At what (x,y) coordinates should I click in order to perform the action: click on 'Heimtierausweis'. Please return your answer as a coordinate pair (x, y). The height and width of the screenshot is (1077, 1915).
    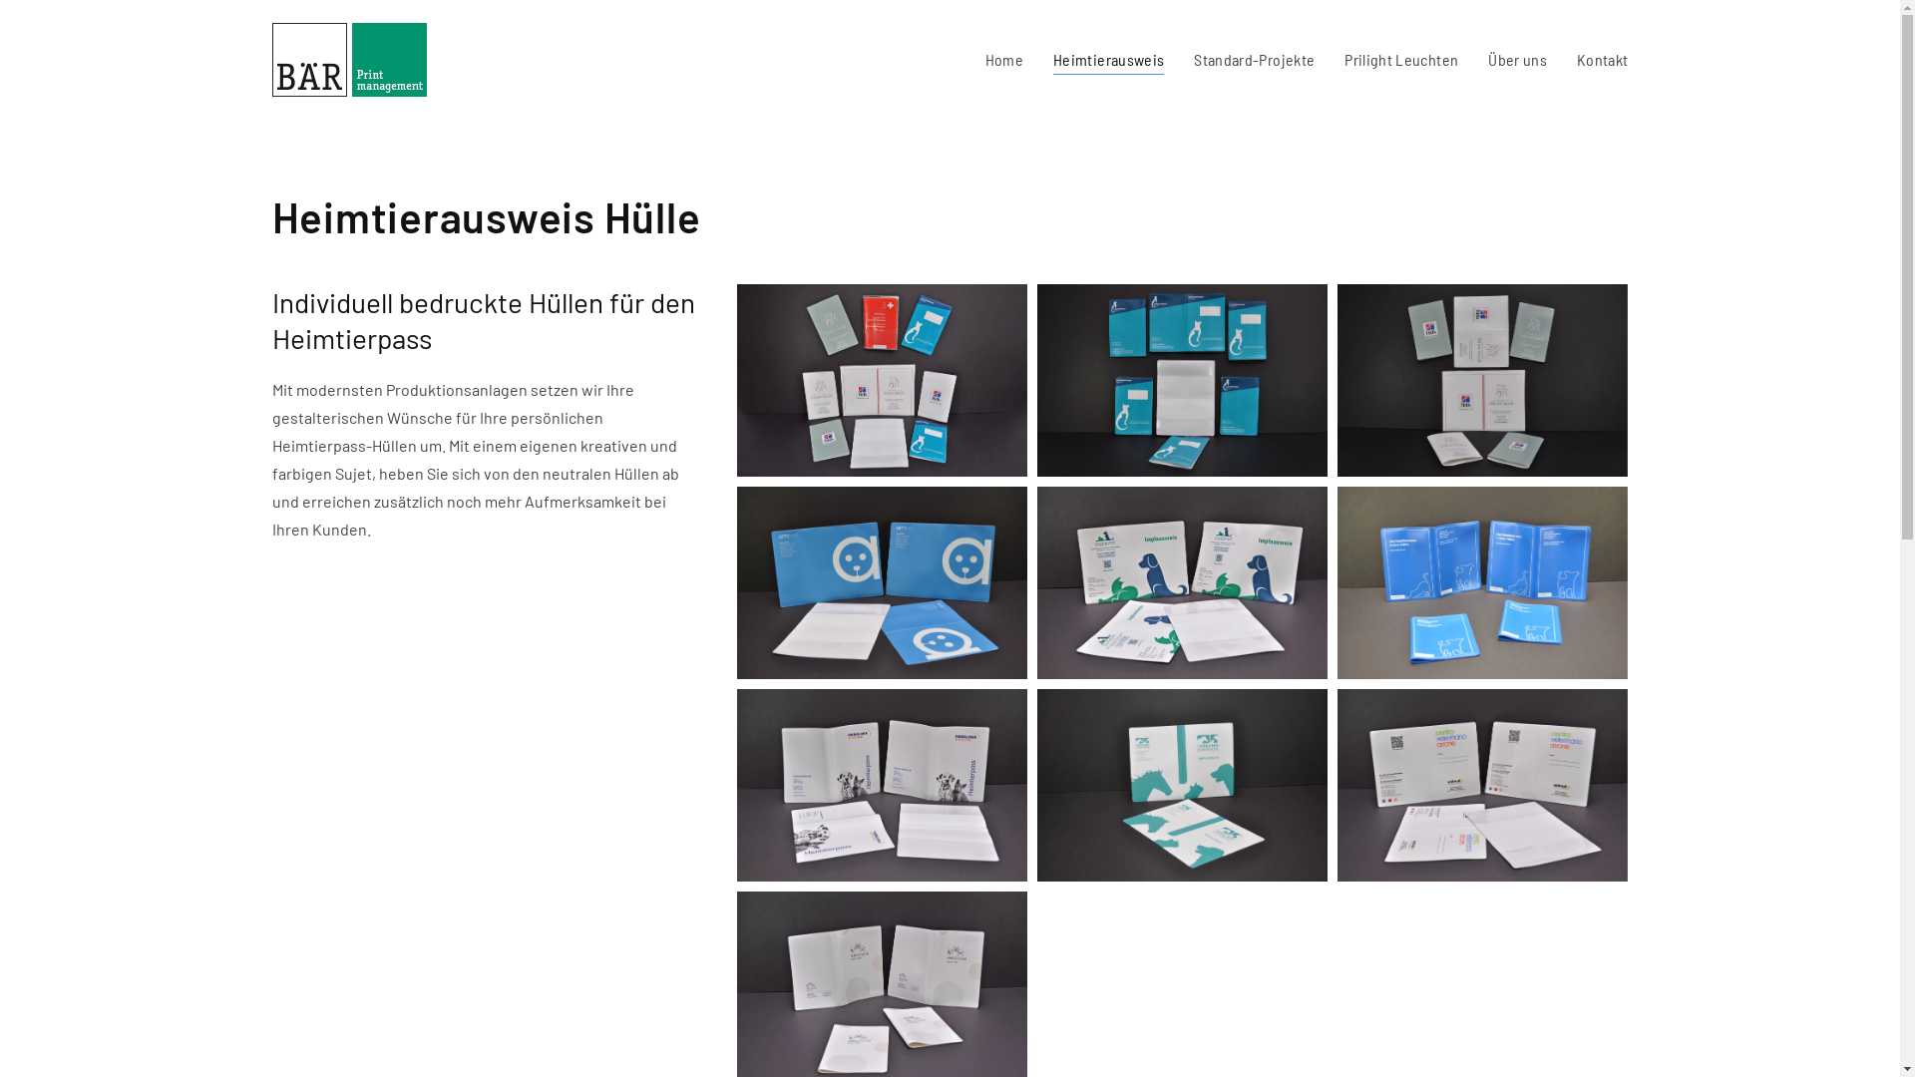
    Looking at the image, I should click on (1107, 59).